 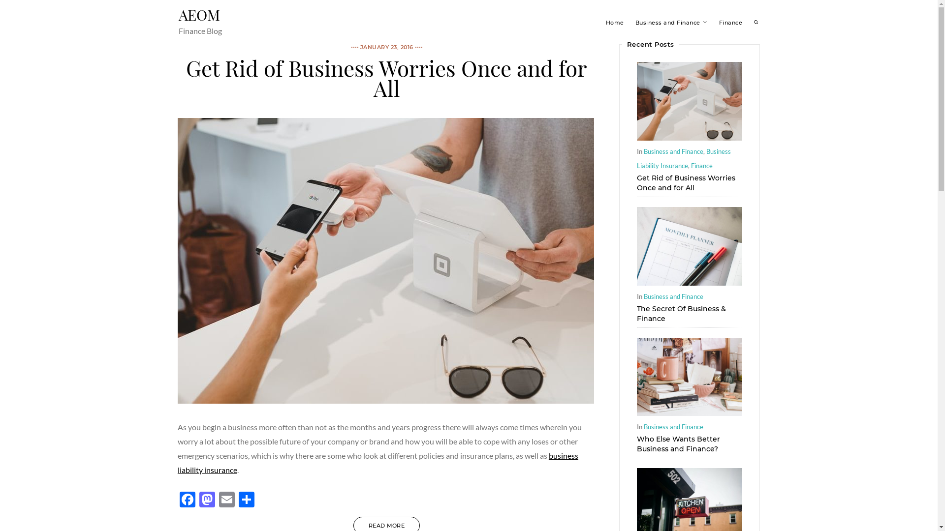 What do you see at coordinates (226, 501) in the screenshot?
I see `'Email'` at bounding box center [226, 501].